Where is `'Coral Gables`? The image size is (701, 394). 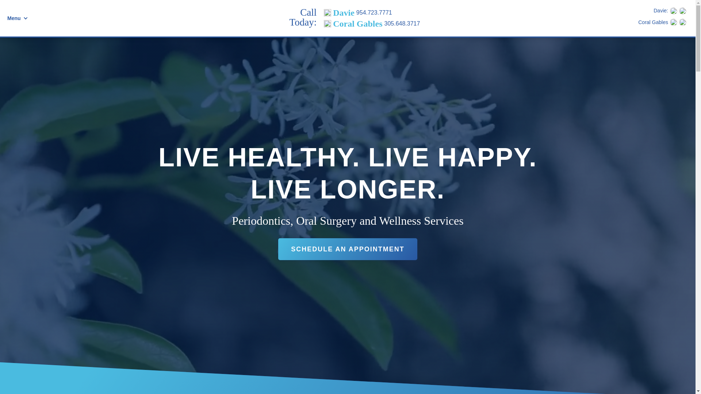
'Coral Gables is located at coordinates (372, 23).